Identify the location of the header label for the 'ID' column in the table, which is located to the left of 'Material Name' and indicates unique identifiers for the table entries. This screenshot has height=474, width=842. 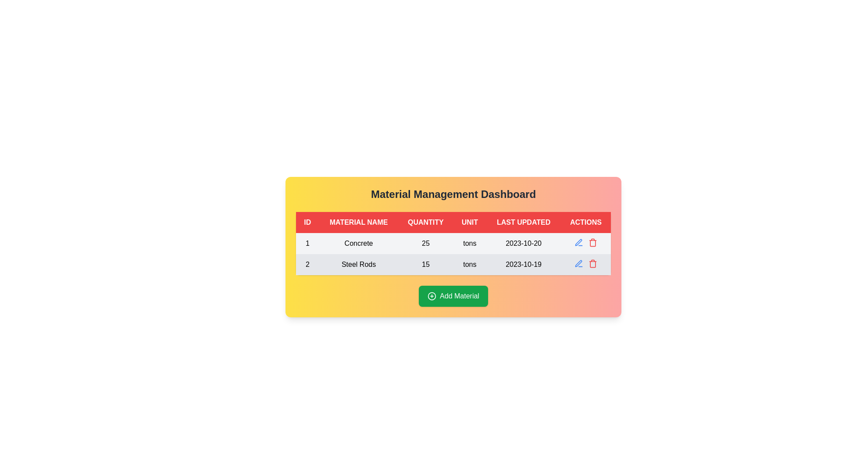
(307, 222).